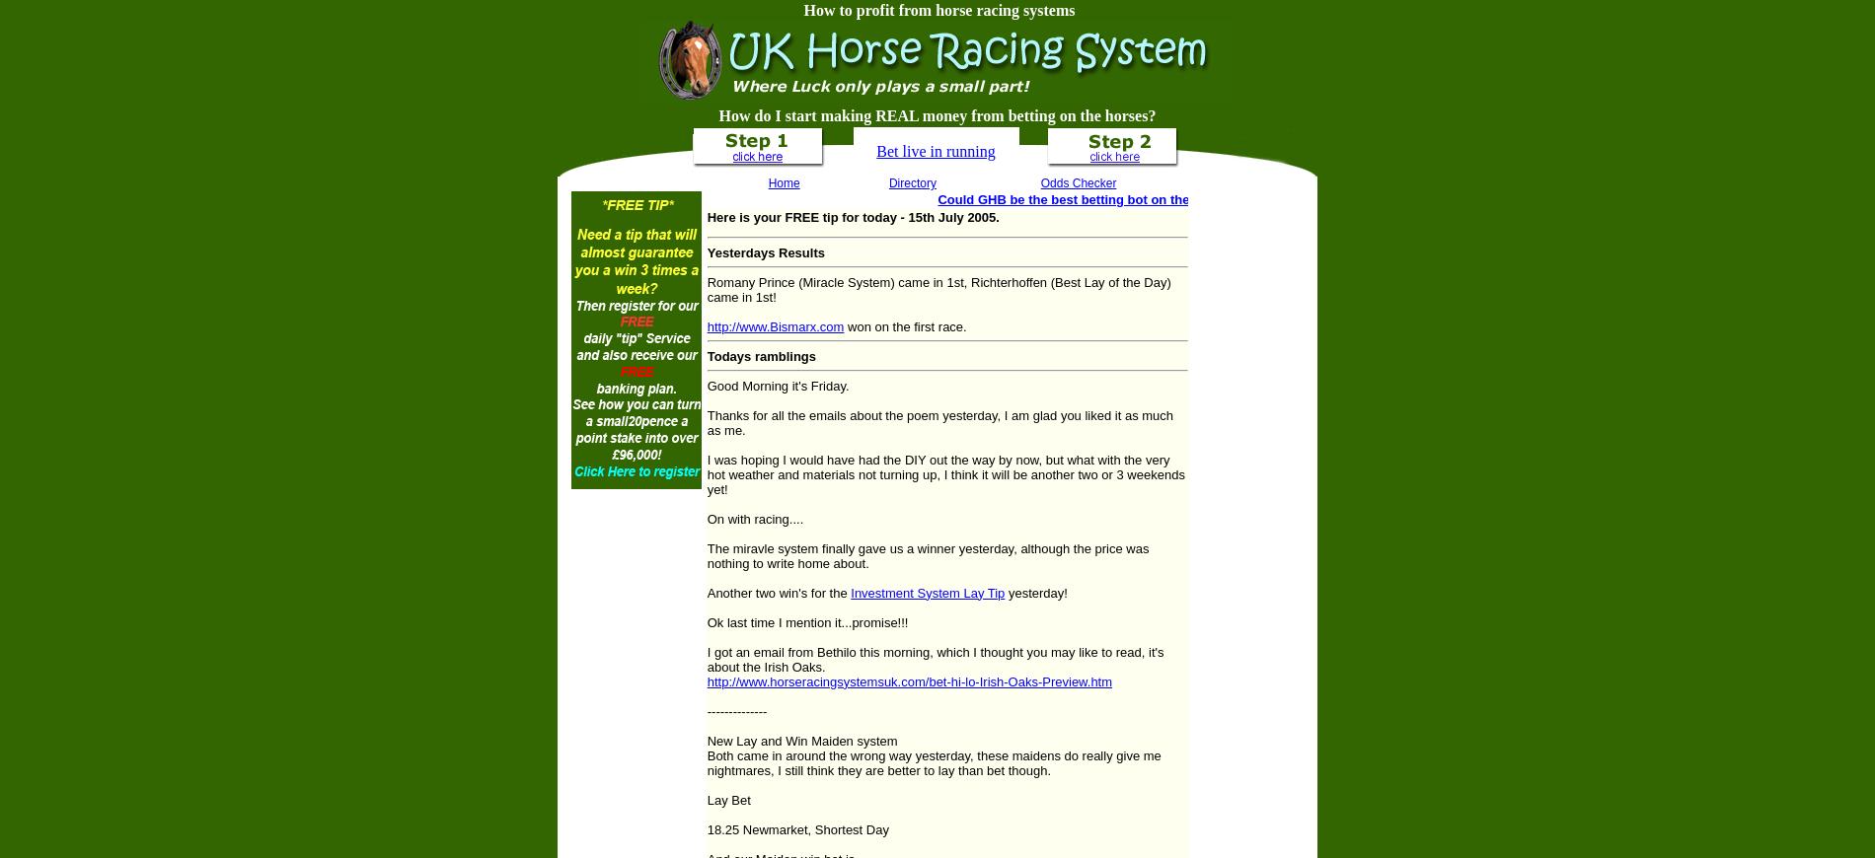  What do you see at coordinates (778, 591) in the screenshot?
I see `'Another two win's for the'` at bounding box center [778, 591].